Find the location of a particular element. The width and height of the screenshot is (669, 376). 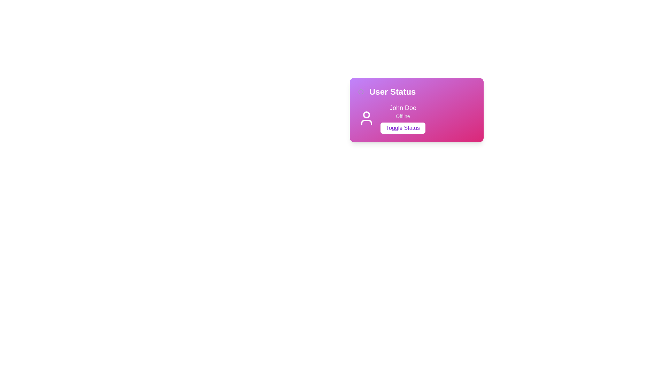

torso segment of the user icon, which is located beneath the head segment and is centered horizontally within the icon area on the left side of the user card layout is located at coordinates (366, 122).